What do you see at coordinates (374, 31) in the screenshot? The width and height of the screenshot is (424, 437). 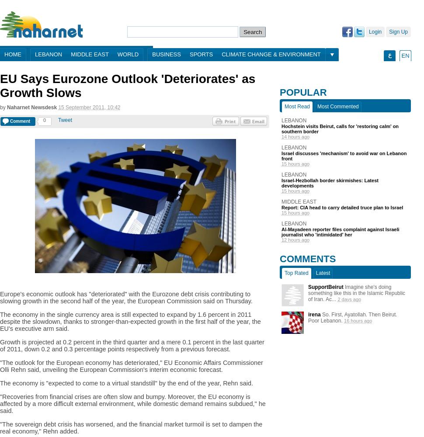 I see `'Login'` at bounding box center [374, 31].